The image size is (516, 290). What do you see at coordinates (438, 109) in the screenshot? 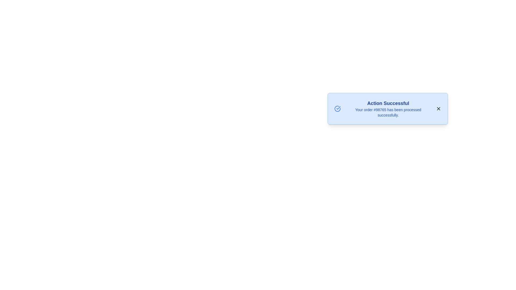
I see `the close button to dismiss the alert` at bounding box center [438, 109].